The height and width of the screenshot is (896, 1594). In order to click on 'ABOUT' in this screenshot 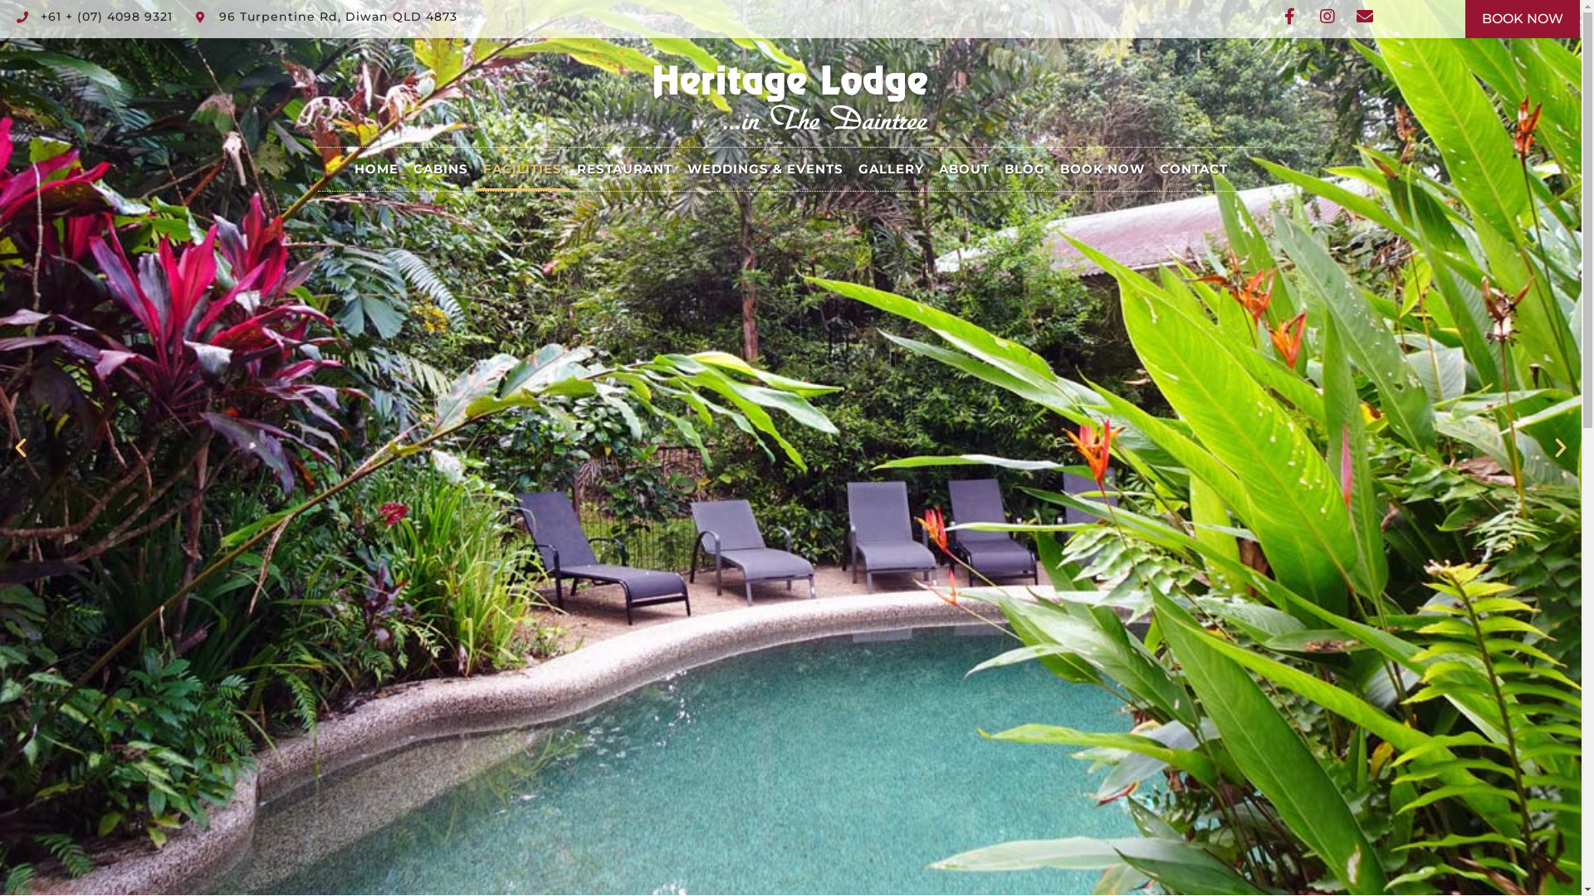, I will do `click(964, 169)`.